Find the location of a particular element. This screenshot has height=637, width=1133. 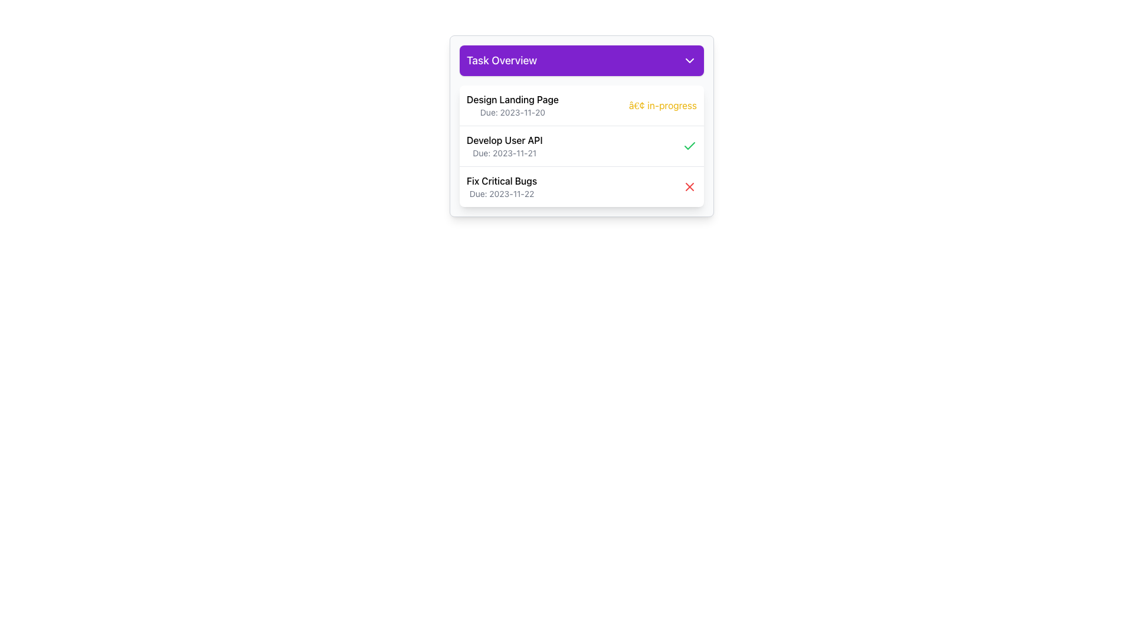

the deletion icon located at the far-right of the 'Fix Critical Bugs' task row is located at coordinates (690, 186).